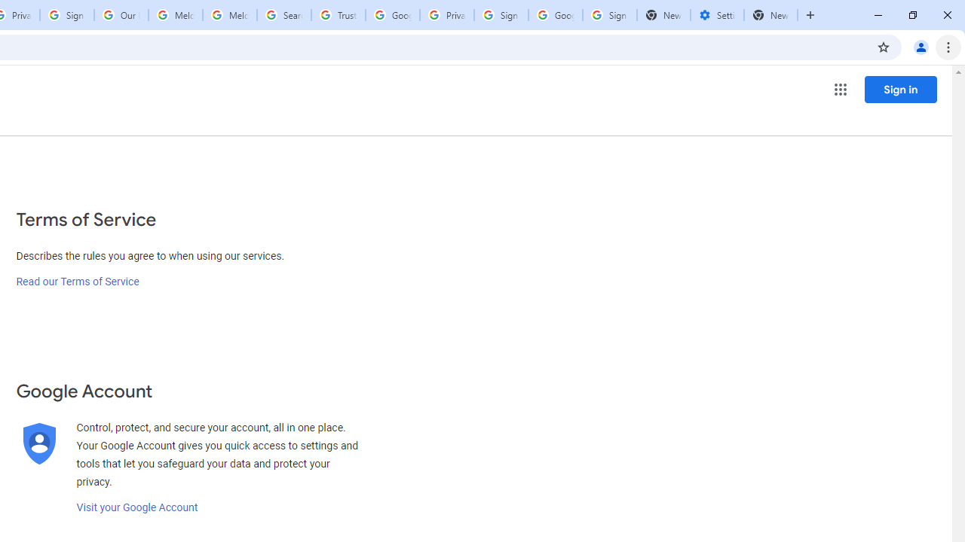 This screenshot has width=965, height=542. What do you see at coordinates (392, 15) in the screenshot?
I see `'Google Ads - Sign in'` at bounding box center [392, 15].